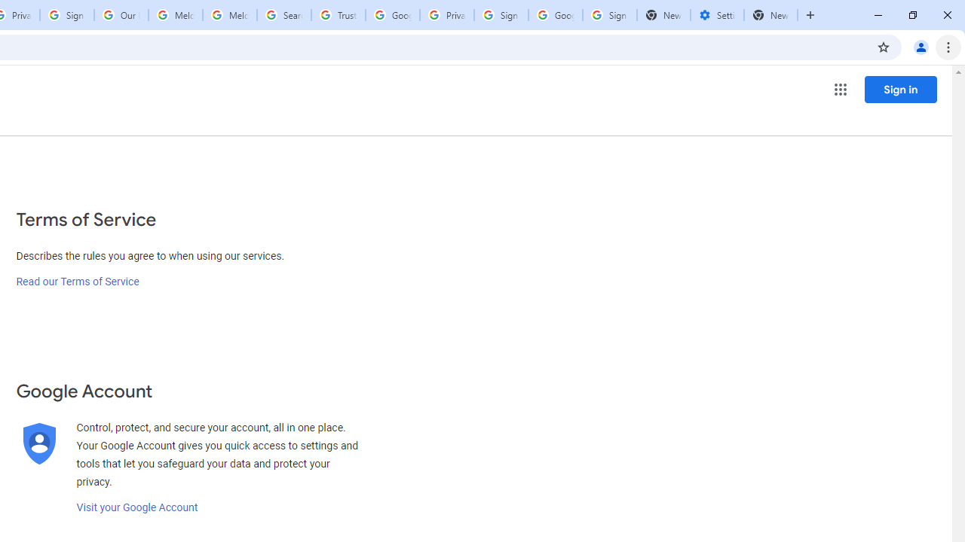 This screenshot has width=965, height=542. What do you see at coordinates (392, 15) in the screenshot?
I see `'Google Ads - Sign in'` at bounding box center [392, 15].